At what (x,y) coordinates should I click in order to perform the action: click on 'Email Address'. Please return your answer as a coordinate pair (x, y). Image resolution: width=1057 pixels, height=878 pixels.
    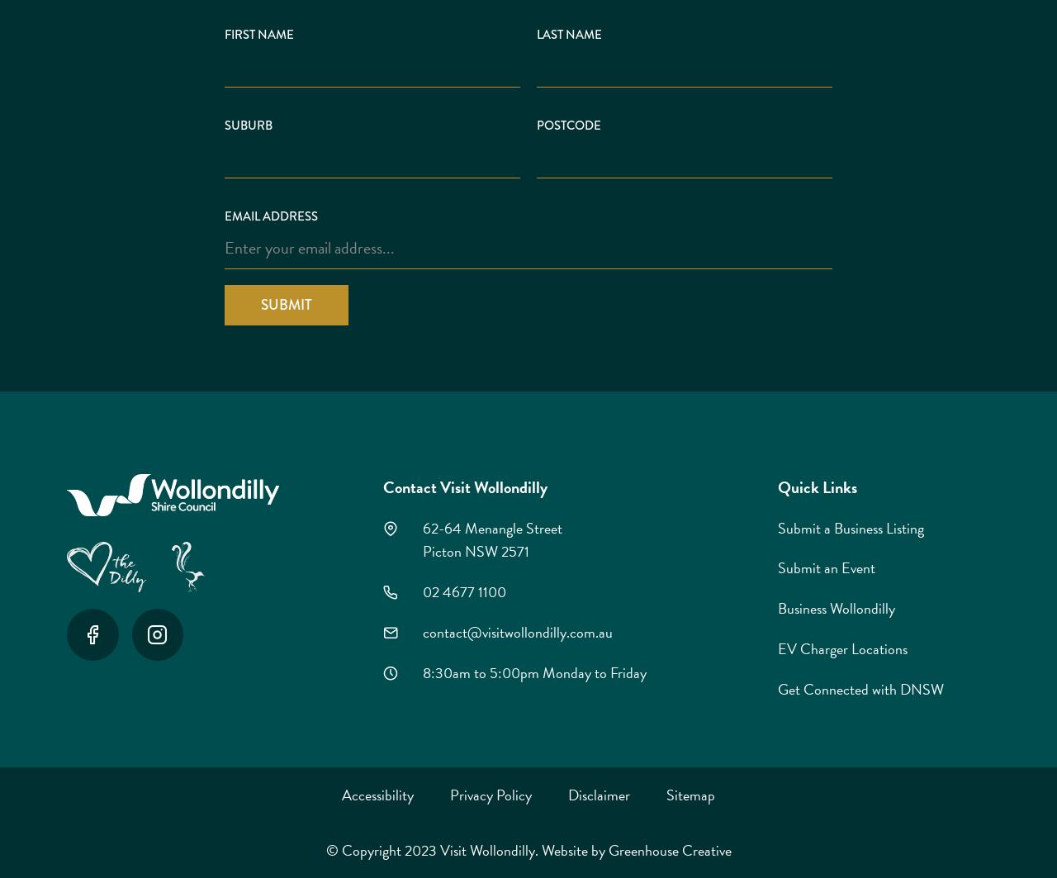
    Looking at the image, I should click on (271, 216).